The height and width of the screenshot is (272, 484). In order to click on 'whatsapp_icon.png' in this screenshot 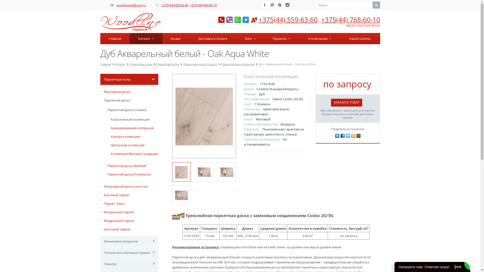, I will do `click(237, 19)`.